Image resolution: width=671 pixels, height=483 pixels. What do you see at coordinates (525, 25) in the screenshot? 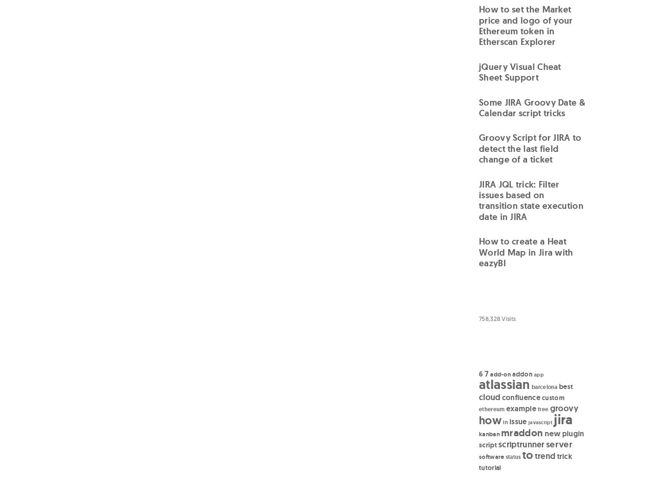
I see `'How to set the Market price and logo of your Ethereum token in Etherscan Explorer'` at bounding box center [525, 25].